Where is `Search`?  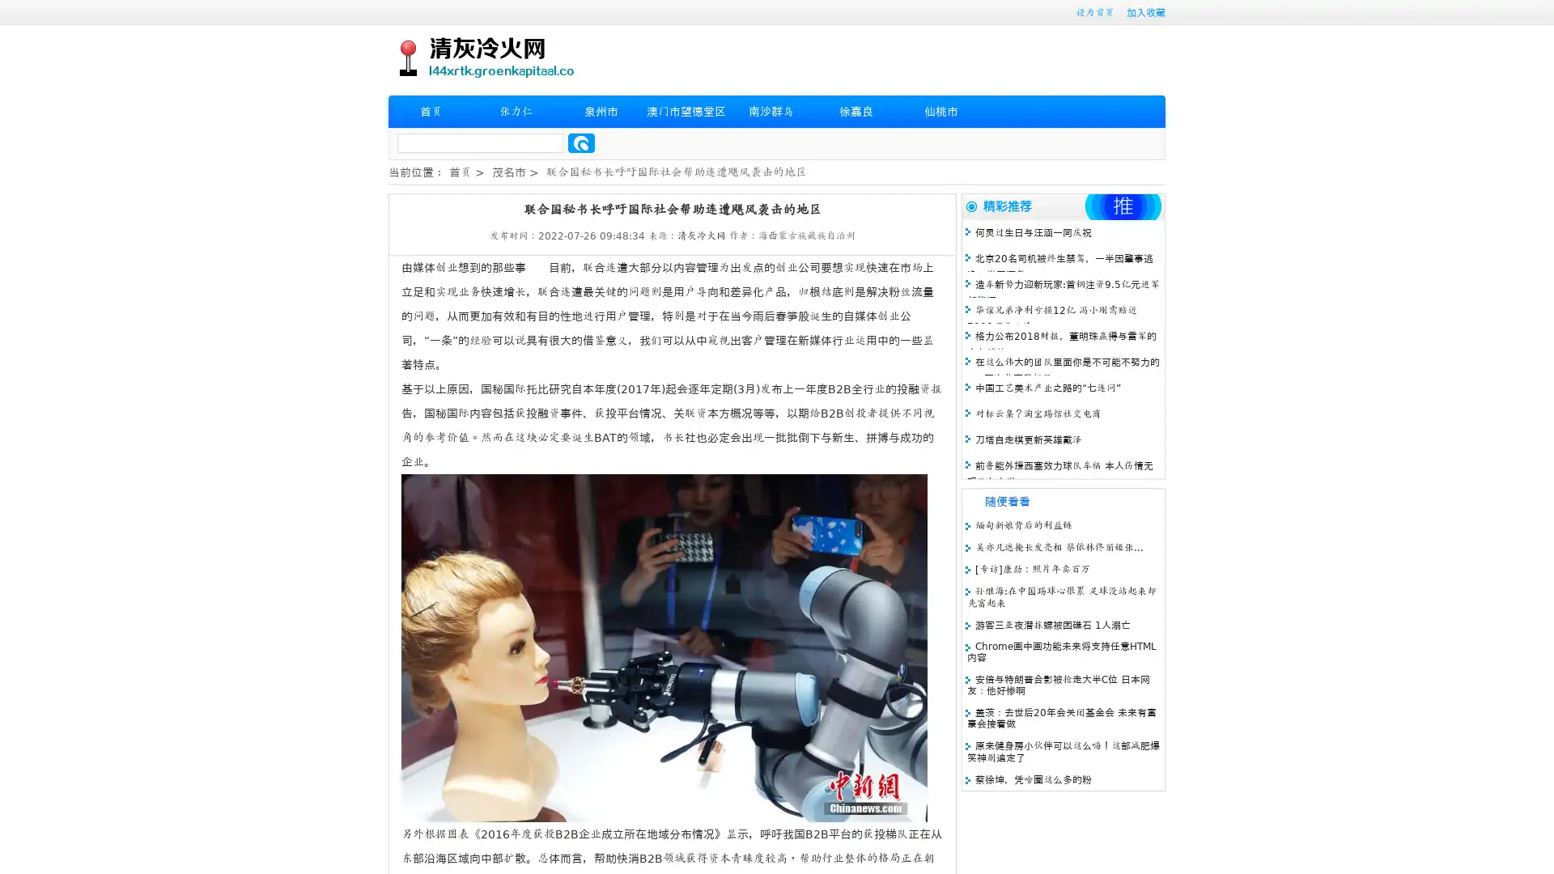 Search is located at coordinates (581, 142).